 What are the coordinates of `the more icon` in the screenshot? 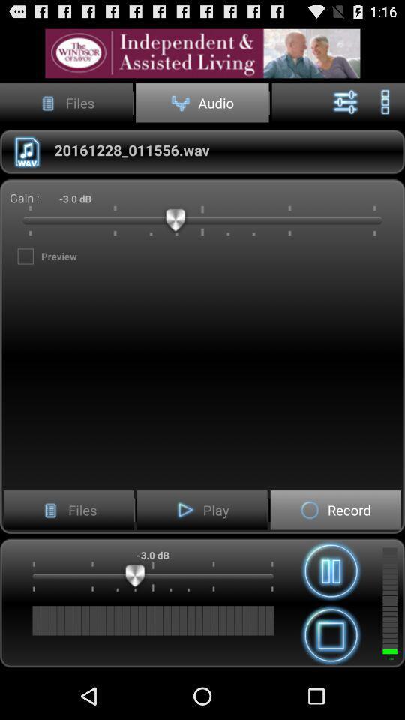 It's located at (385, 108).